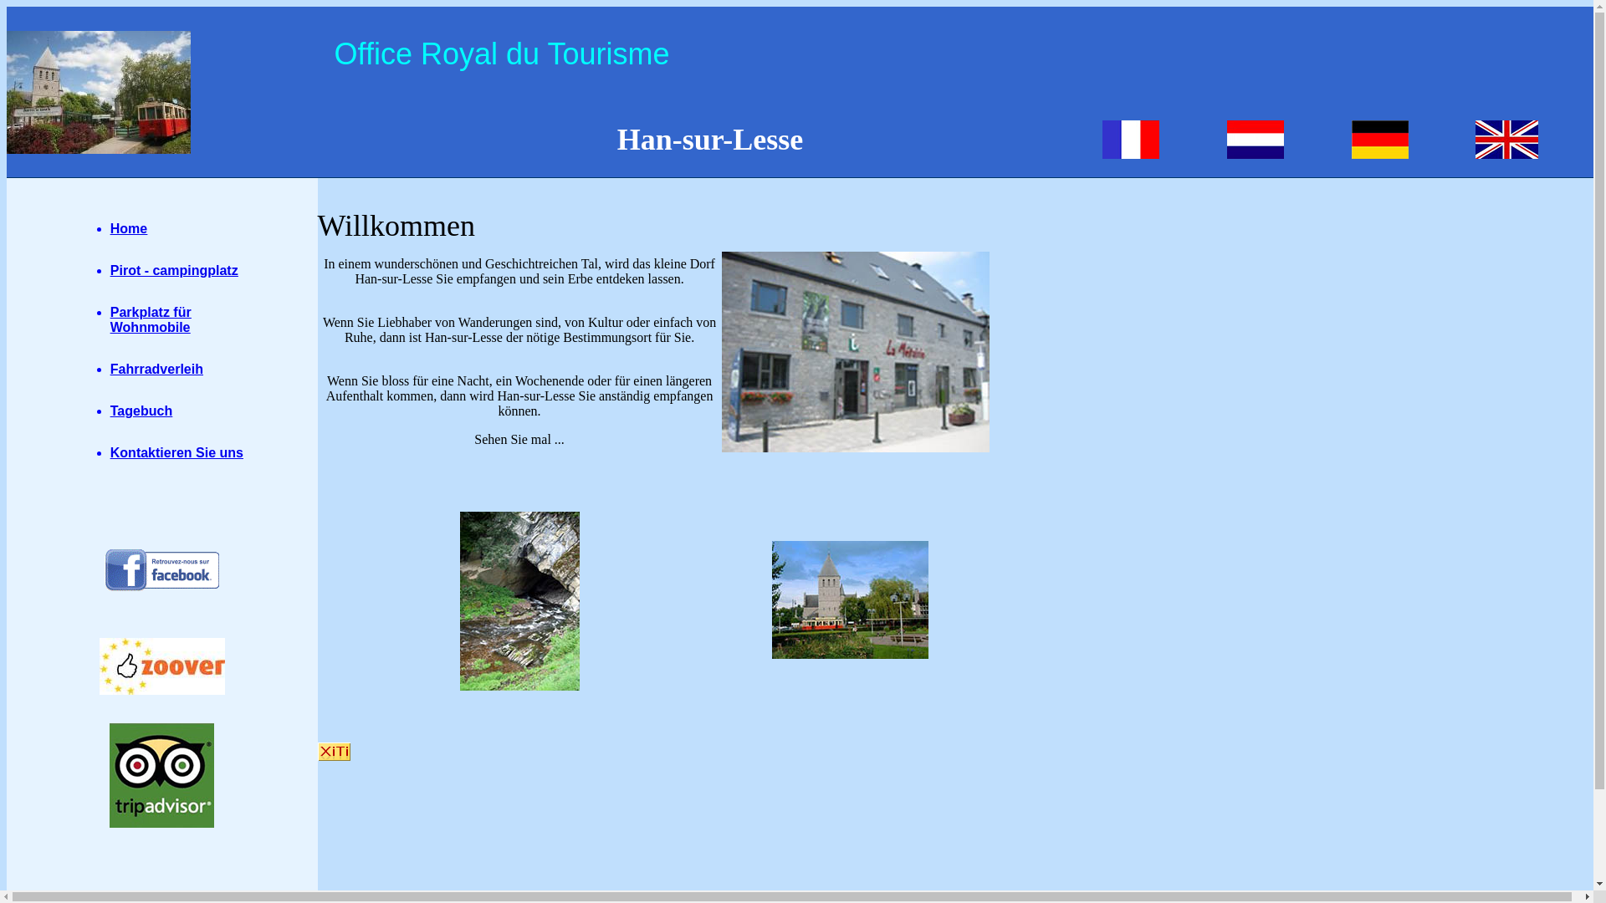 The image size is (1606, 903). I want to click on 'Fahrradverleih', so click(156, 368).